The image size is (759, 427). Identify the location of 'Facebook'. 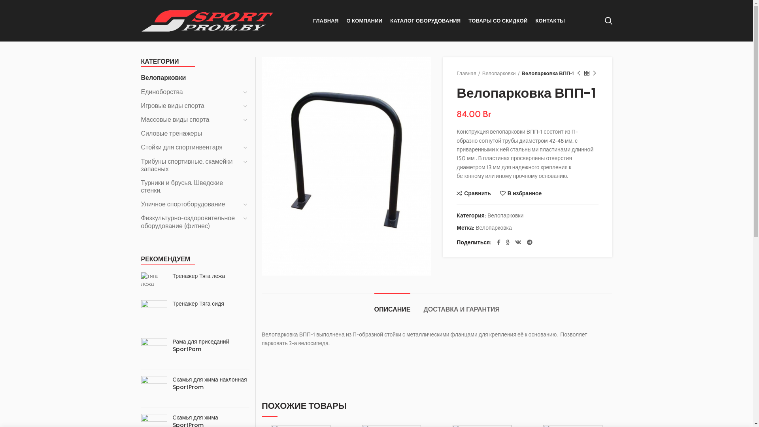
(498, 242).